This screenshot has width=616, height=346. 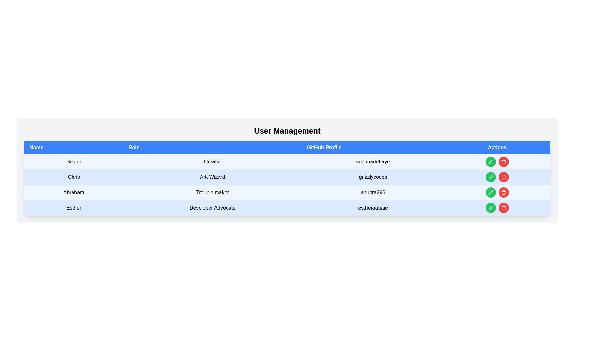 I want to click on the trash bin icon in the Actions column of the User Management table associated with the user 'Esther' to potentially display a tooltip, so click(x=503, y=208).